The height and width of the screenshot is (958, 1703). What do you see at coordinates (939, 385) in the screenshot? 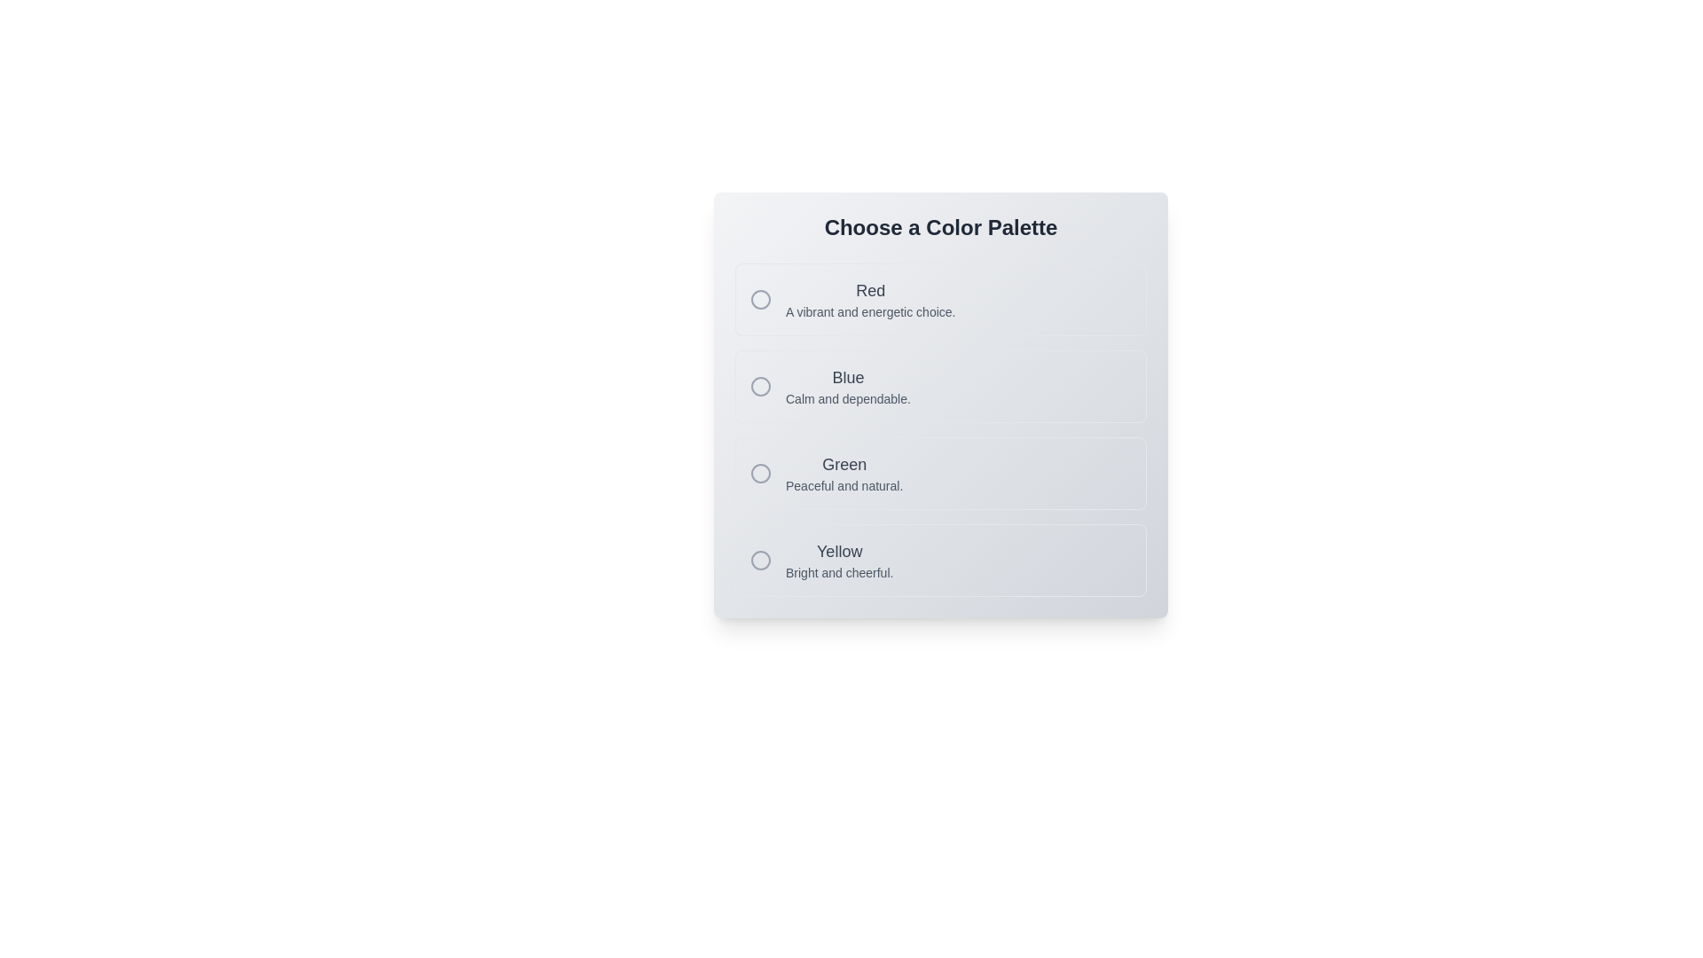
I see `the 'Blue' selectable card, which is the second option in the vertical list of cards` at bounding box center [939, 385].